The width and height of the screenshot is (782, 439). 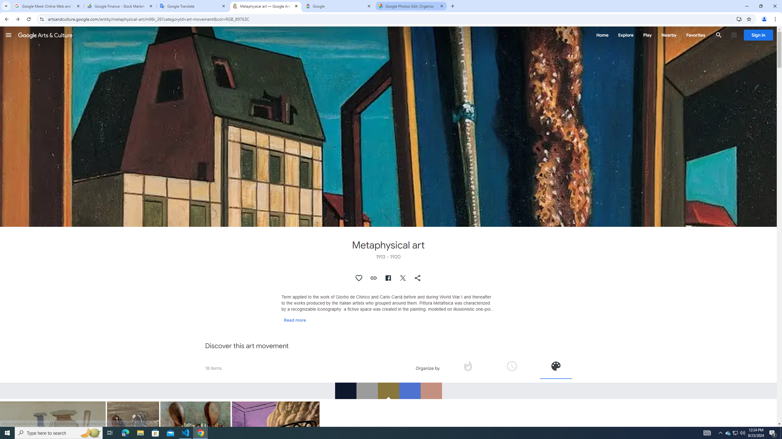 I want to click on 'Copy Link', so click(x=373, y=278).